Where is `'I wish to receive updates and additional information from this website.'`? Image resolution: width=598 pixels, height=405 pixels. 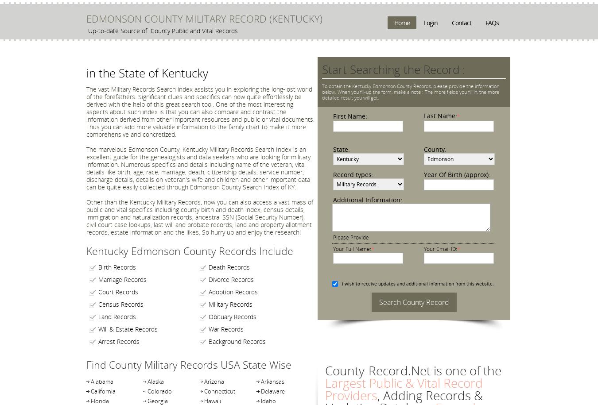 'I wish to receive updates and additional information from this website.' is located at coordinates (417, 283).